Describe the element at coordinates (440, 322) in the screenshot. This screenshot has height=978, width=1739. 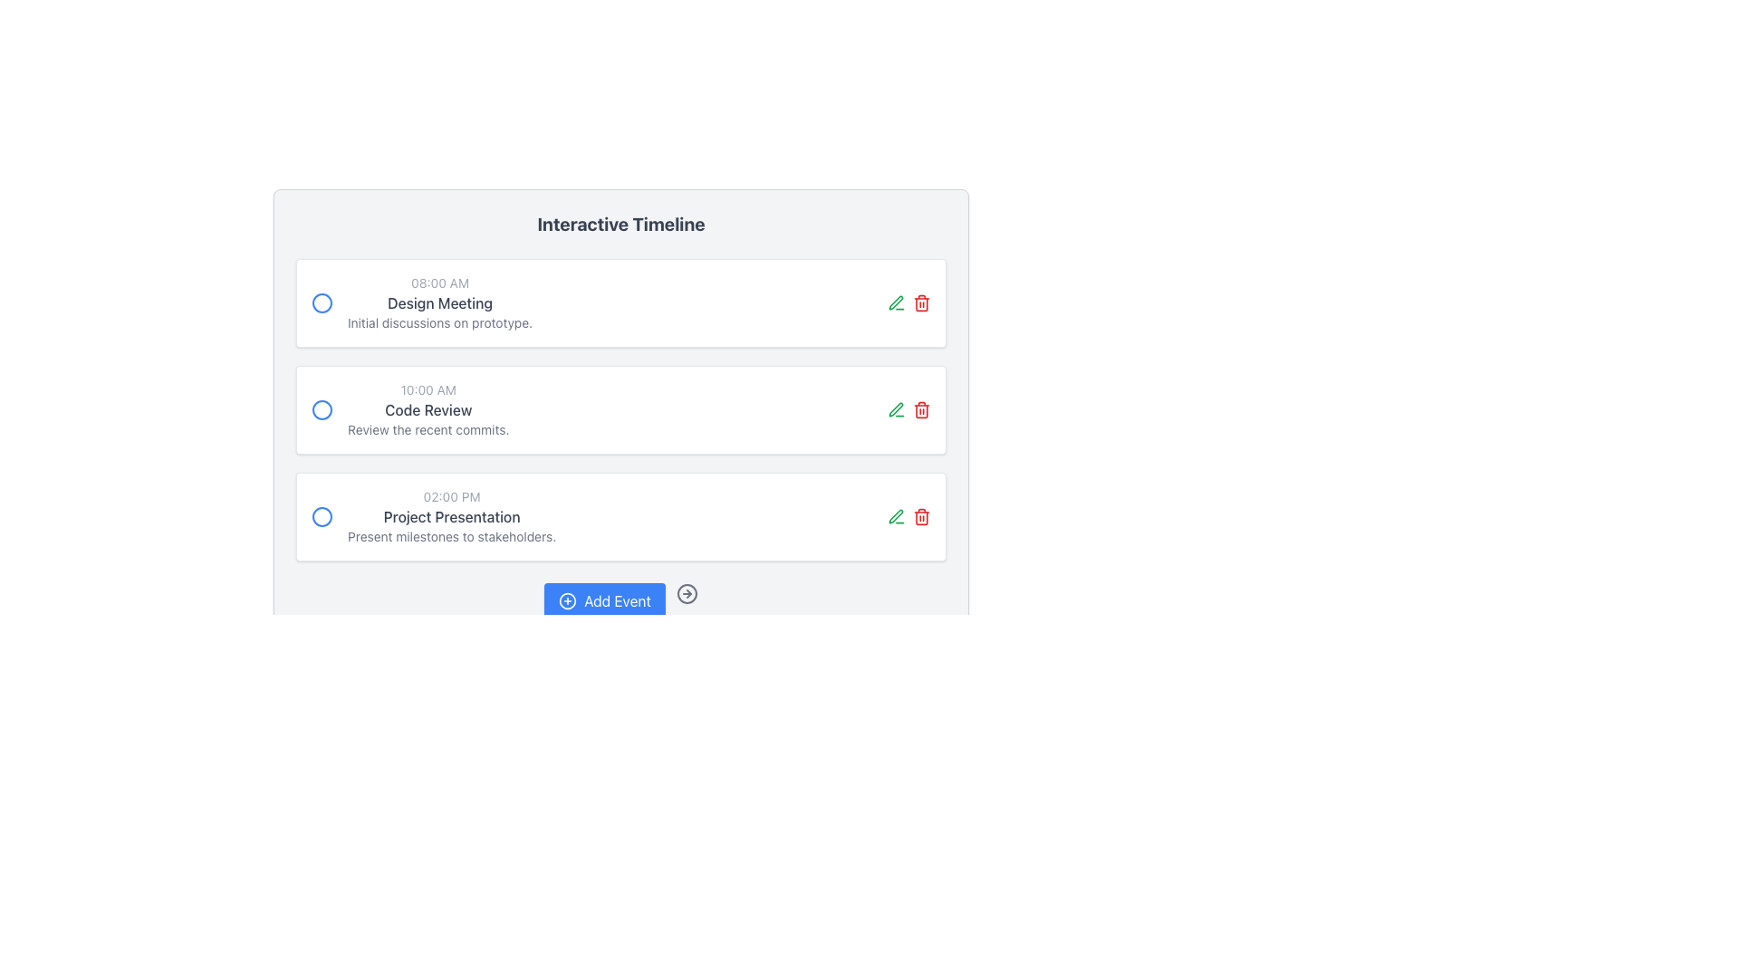
I see `text label providing details about the 'Design Meeting' event in the timeline, which is positioned below the '08:00 AM' time and the 'Design Meeting' title text` at that location.